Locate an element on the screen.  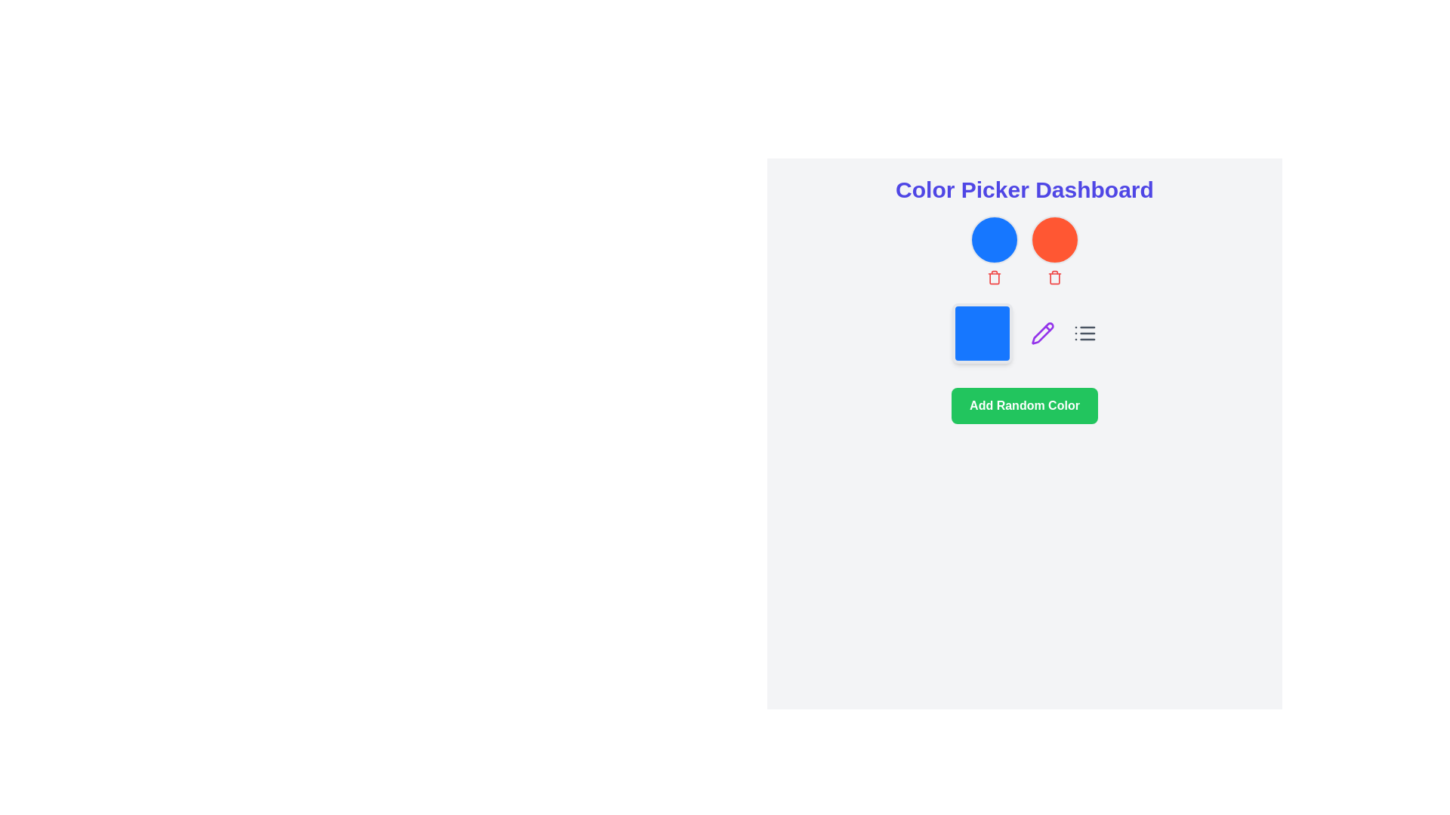
the small red trash can icon located beneath the blue circular selector is located at coordinates (994, 277).